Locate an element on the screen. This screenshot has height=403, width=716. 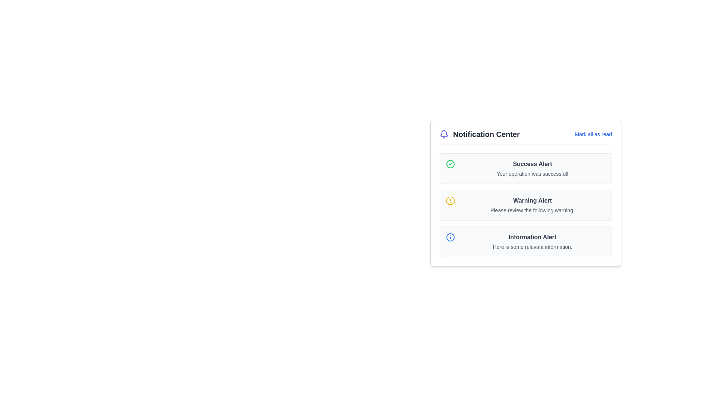
the decorative vector element representing the bell icon in the top-left corner of the Notification Center panel, which indicates notifications is located at coordinates (444, 133).